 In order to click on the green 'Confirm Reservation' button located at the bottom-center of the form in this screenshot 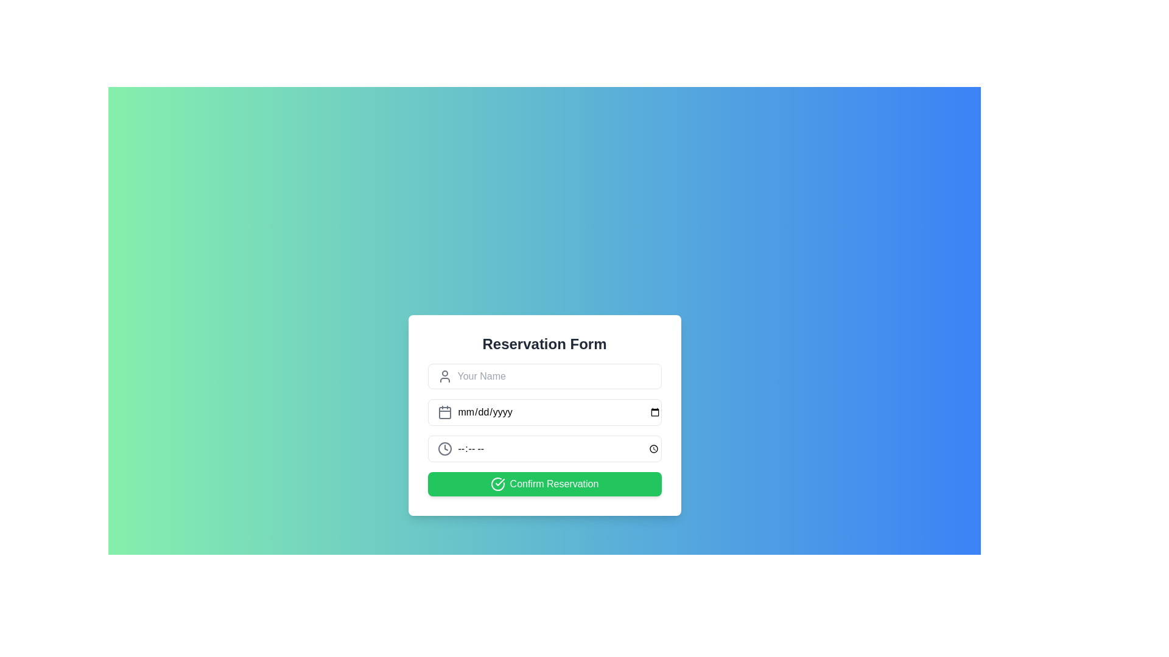, I will do `click(544, 483)`.